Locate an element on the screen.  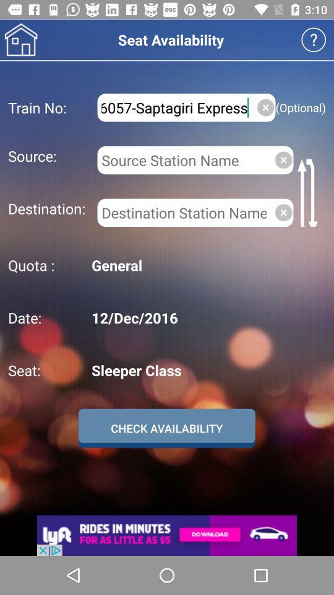
delete destination entered is located at coordinates (283, 213).